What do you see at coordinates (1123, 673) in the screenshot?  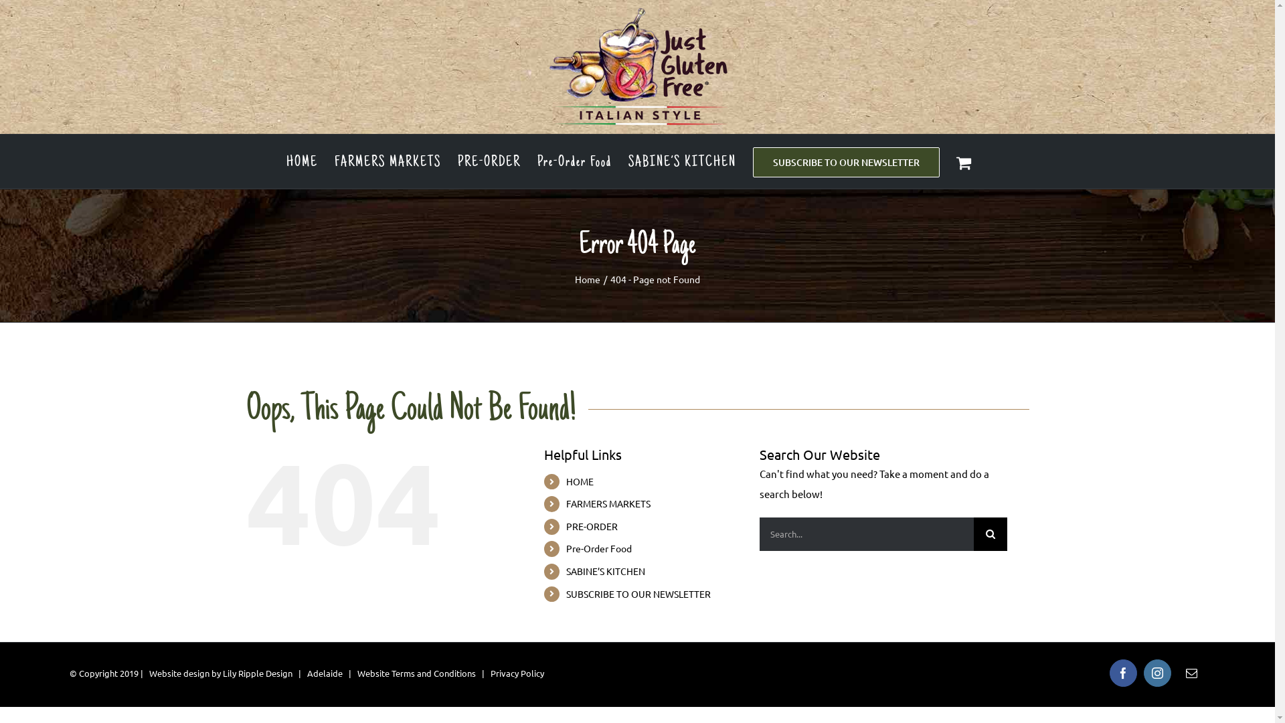 I see `'Facebook'` at bounding box center [1123, 673].